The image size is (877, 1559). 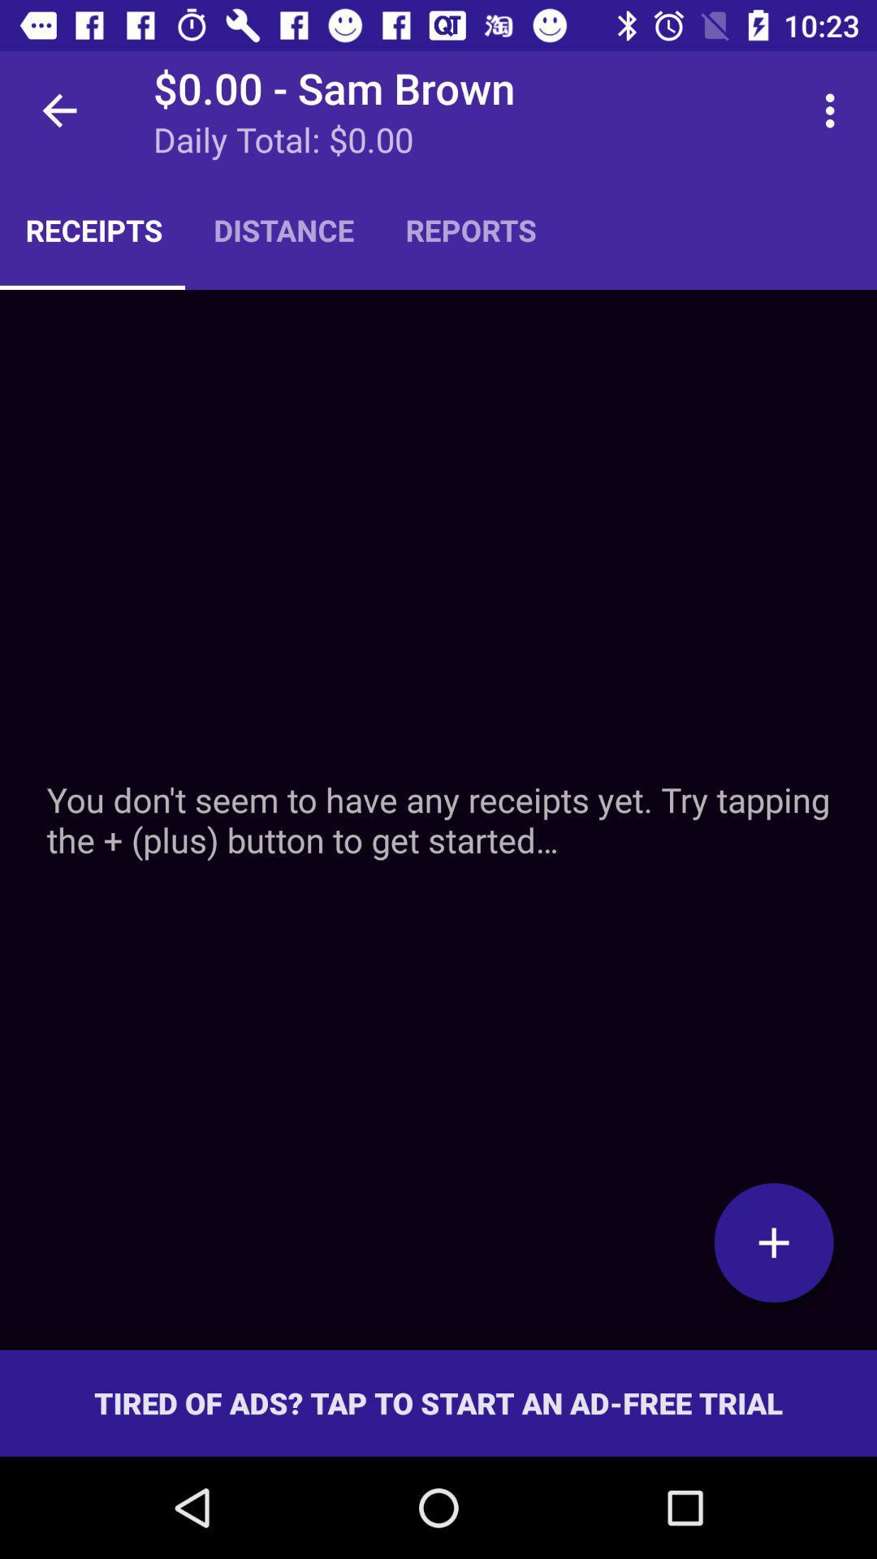 I want to click on icon at the top right corner, so click(x=834, y=110).